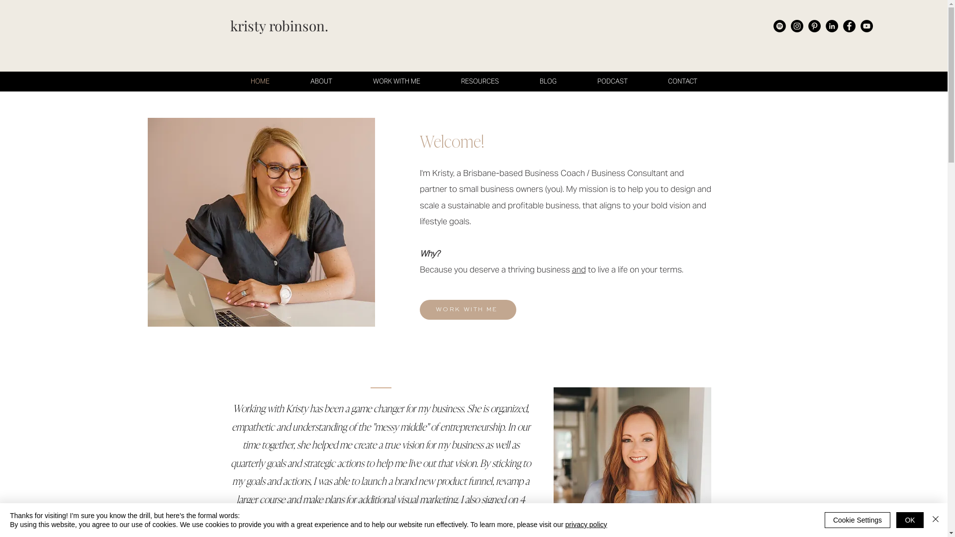 This screenshot has width=955, height=537. I want to click on 'PODCAST', so click(577, 81).